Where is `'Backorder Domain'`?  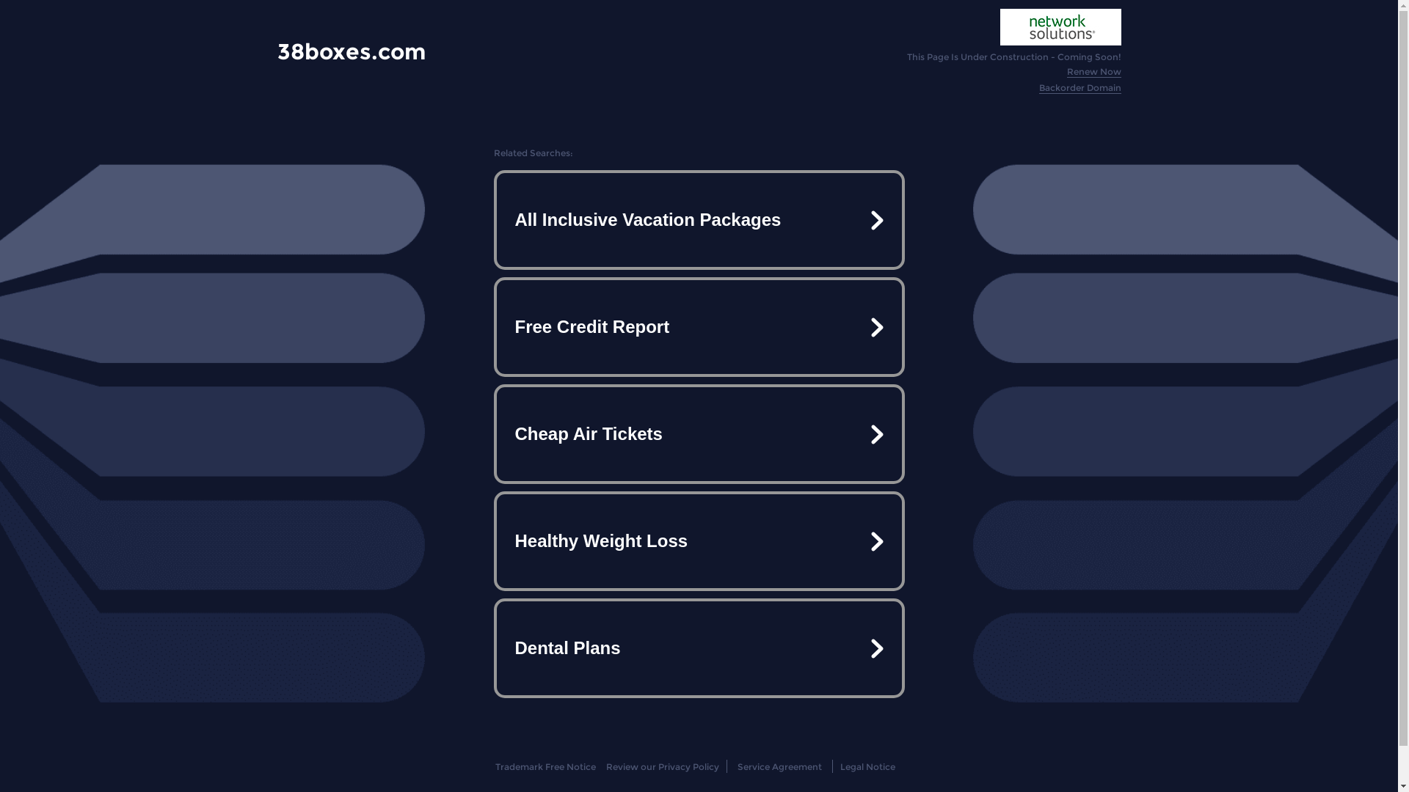 'Backorder Domain' is located at coordinates (1080, 87).